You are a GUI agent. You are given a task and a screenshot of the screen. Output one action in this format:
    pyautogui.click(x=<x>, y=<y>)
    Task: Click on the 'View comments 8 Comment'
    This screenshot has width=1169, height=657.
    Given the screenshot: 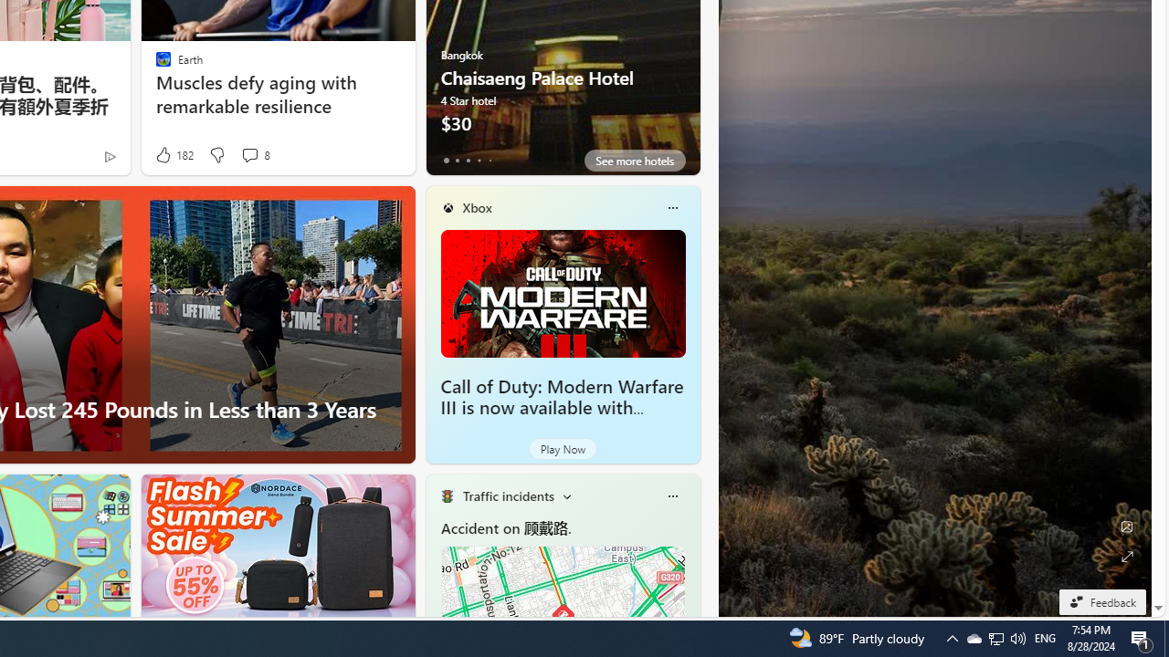 What is the action you would take?
    pyautogui.click(x=248, y=153)
    